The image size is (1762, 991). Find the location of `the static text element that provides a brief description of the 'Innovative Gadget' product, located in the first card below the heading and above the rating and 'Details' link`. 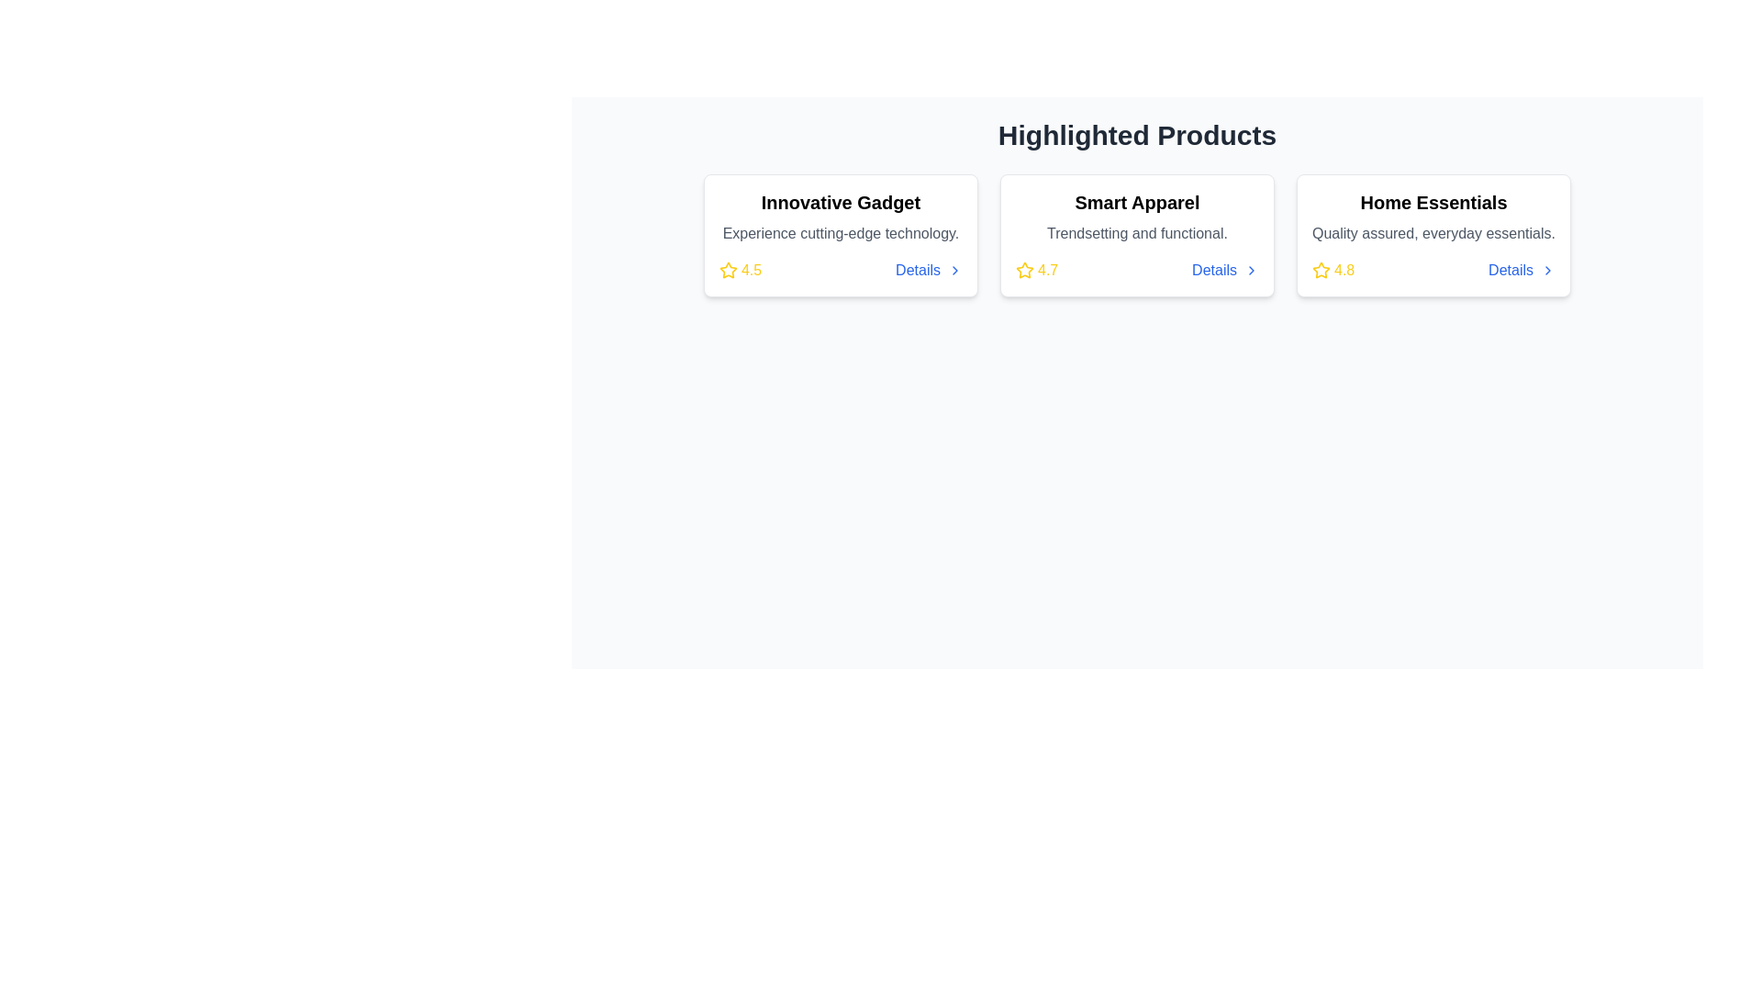

the static text element that provides a brief description of the 'Innovative Gadget' product, located in the first card below the heading and above the rating and 'Details' link is located at coordinates (840, 232).